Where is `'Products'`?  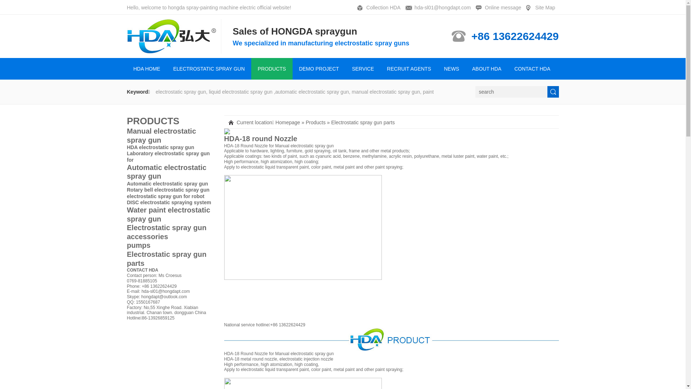 'Products' is located at coordinates (315, 122).